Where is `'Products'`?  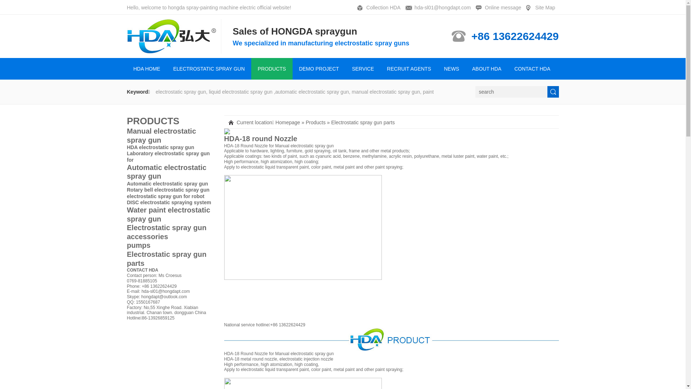 'Products' is located at coordinates (315, 122).